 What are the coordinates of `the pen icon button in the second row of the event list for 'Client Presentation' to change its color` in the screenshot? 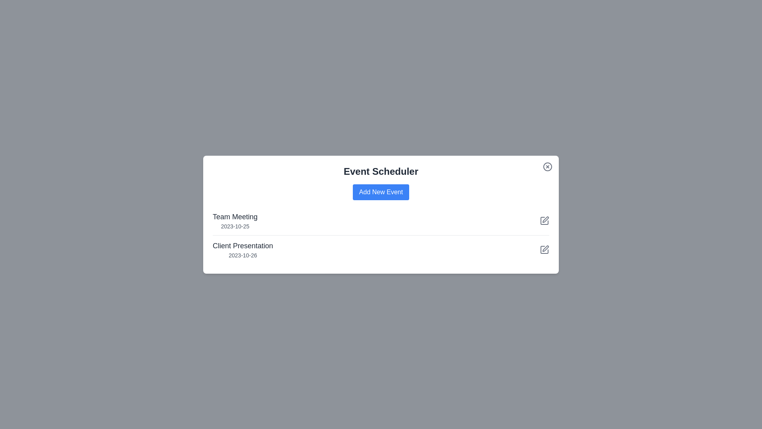 It's located at (544, 220).